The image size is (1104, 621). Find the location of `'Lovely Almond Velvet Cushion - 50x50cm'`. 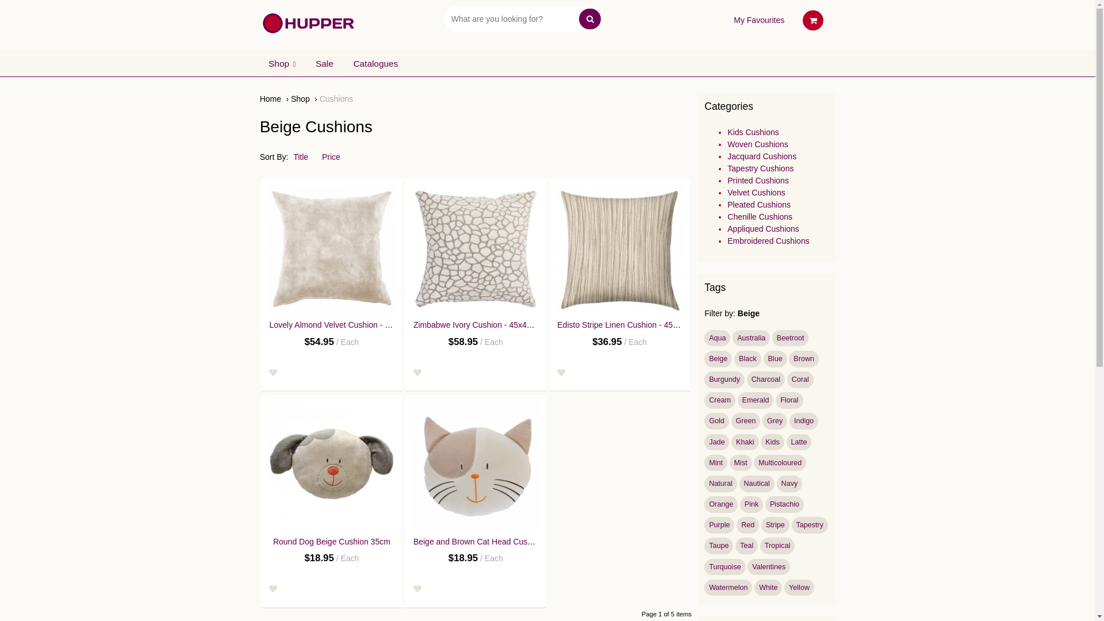

'Lovely Almond Velvet Cushion - 50x50cm' is located at coordinates (331, 248).